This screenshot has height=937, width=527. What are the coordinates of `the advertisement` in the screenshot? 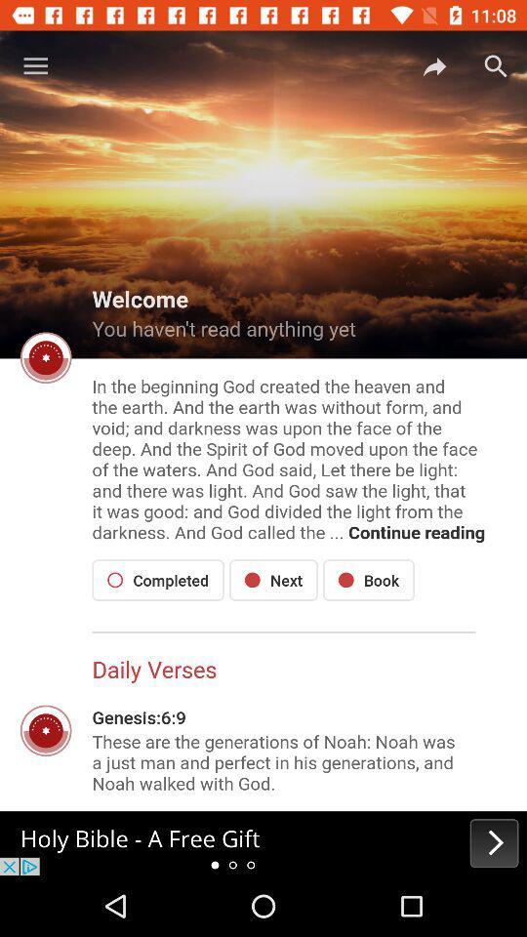 It's located at (263, 842).